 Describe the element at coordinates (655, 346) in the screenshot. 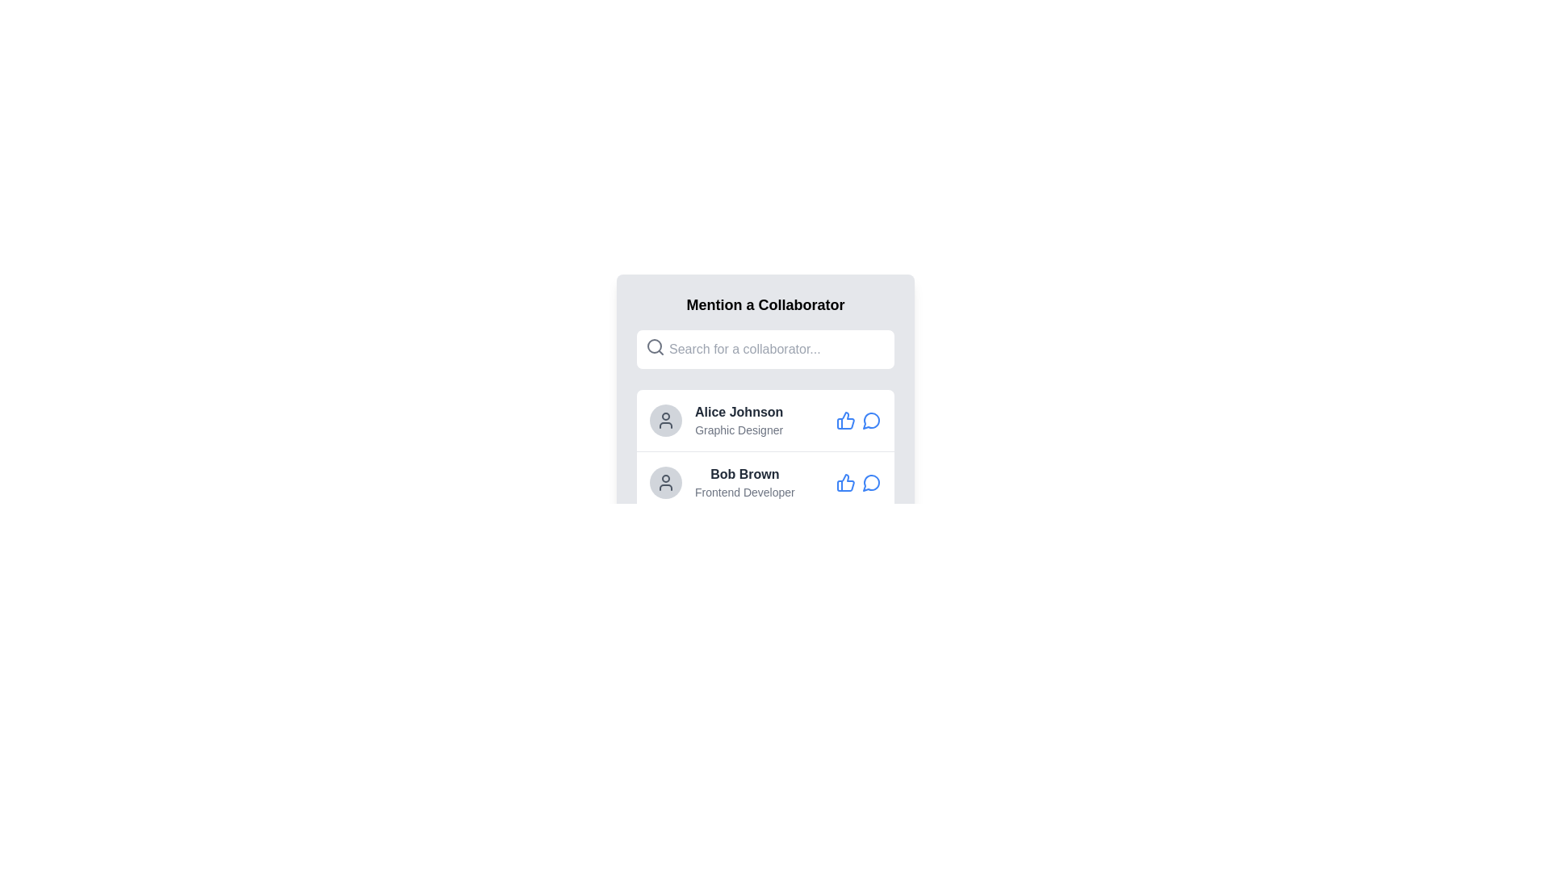

I see `the gray magnifying glass icon located in the top-left corner of the text input field for 'Mention a Collaborator'` at that location.